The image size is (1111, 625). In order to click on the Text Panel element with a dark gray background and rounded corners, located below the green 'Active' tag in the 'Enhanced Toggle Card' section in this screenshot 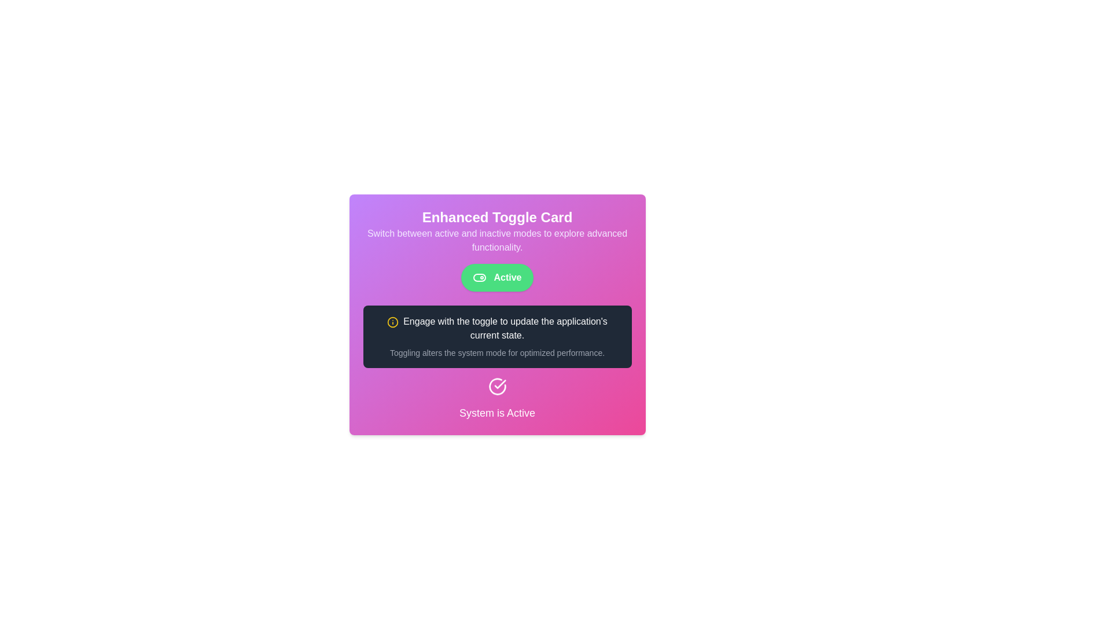, I will do `click(497, 337)`.